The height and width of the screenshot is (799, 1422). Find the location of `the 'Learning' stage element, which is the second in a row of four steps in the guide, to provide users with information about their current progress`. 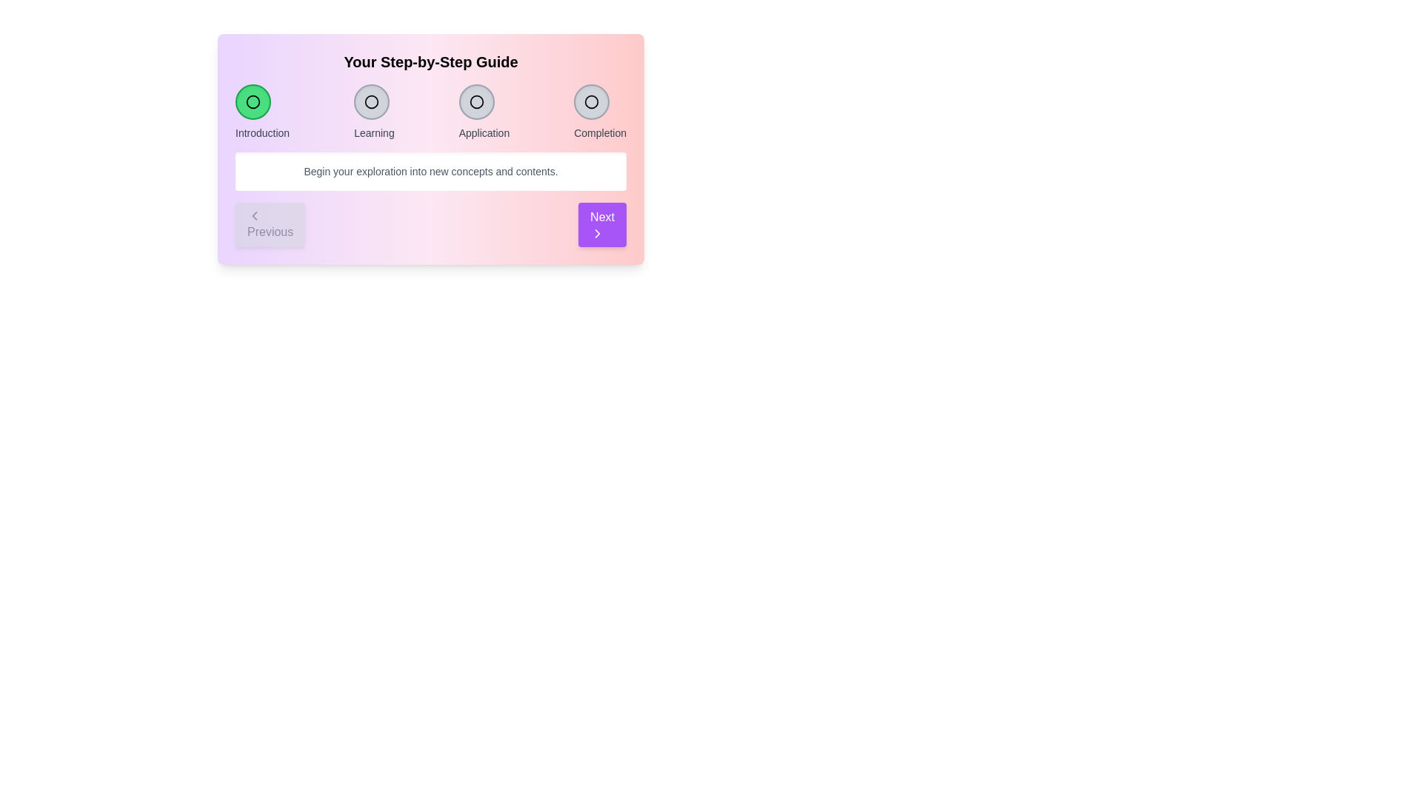

the 'Learning' stage element, which is the second in a row of four steps in the guide, to provide users with information about their current progress is located at coordinates (374, 111).